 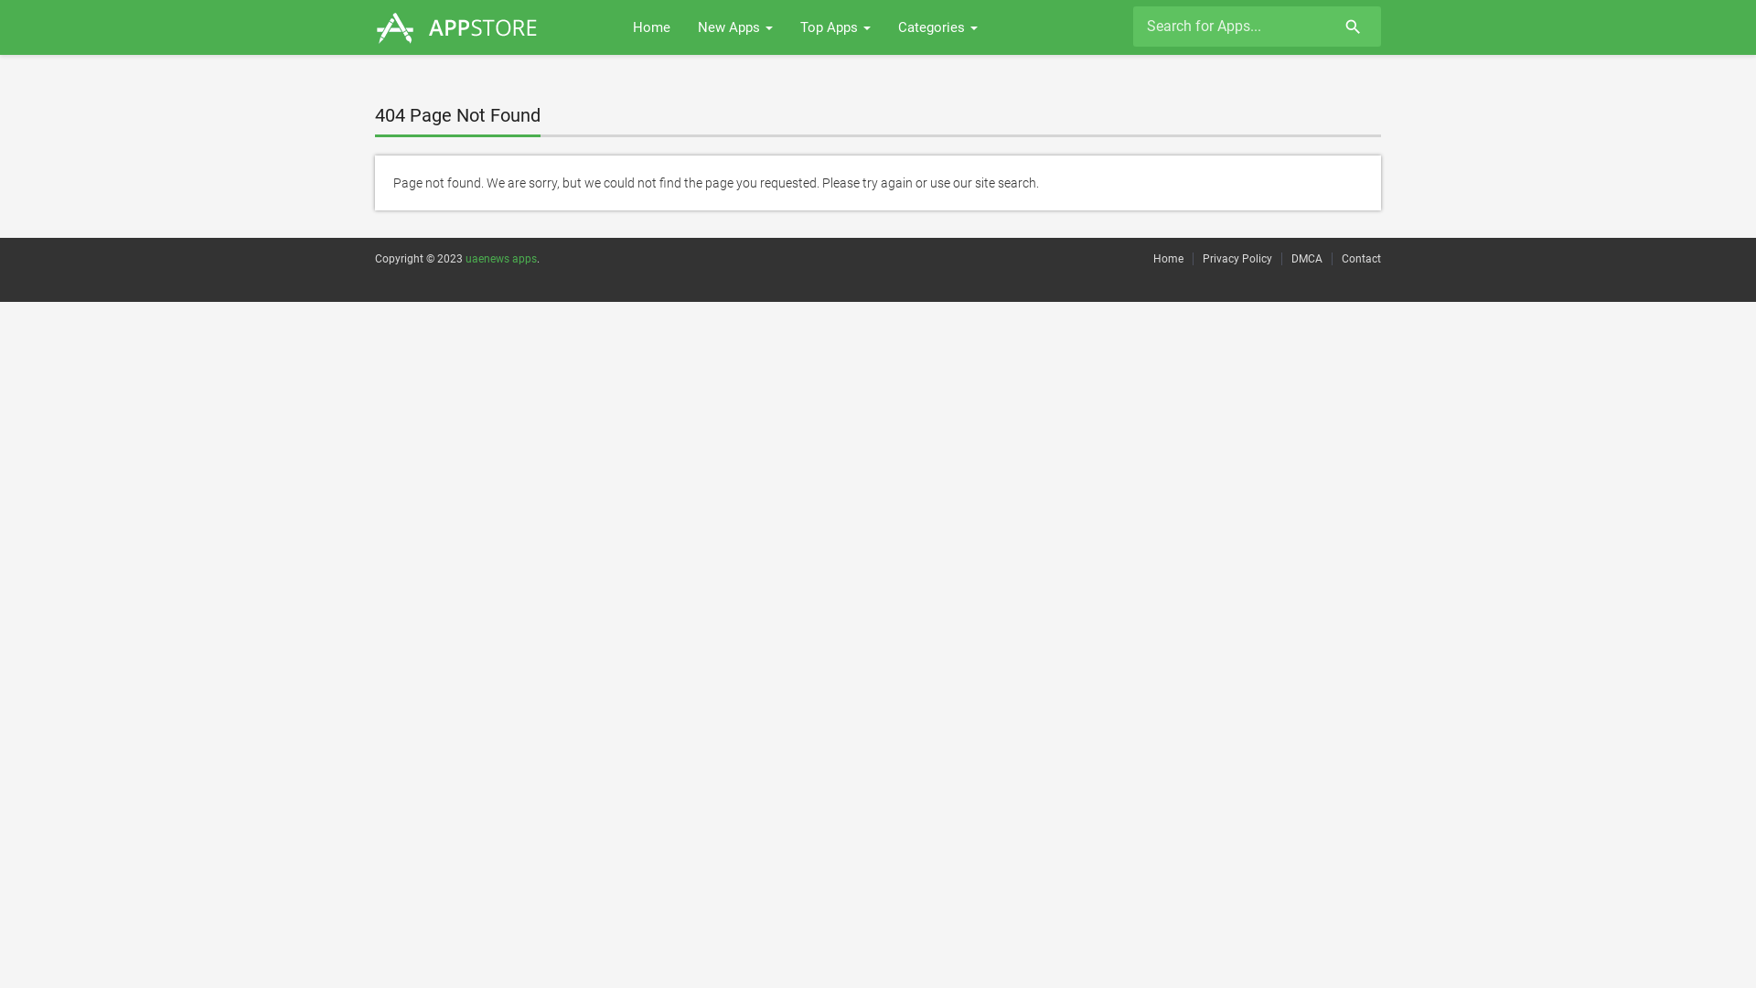 What do you see at coordinates (937, 27) in the screenshot?
I see `'Categories'` at bounding box center [937, 27].